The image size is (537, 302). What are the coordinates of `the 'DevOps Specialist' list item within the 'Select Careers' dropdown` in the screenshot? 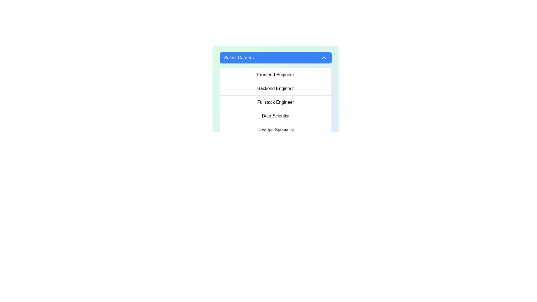 It's located at (275, 129).